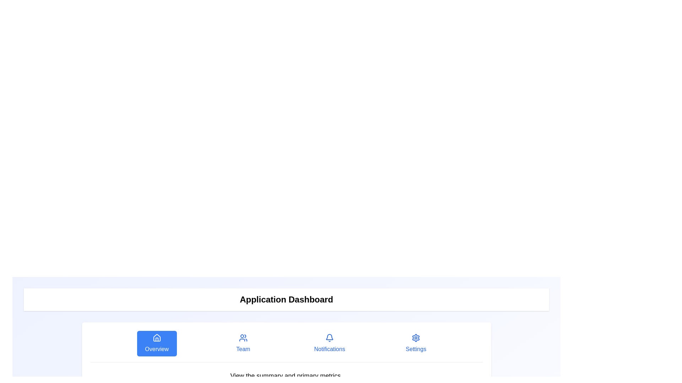 Image resolution: width=682 pixels, height=383 pixels. Describe the element at coordinates (156, 343) in the screenshot. I see `the first navigation button in the top left section of the navigation bar to enable keyboard navigation` at that location.